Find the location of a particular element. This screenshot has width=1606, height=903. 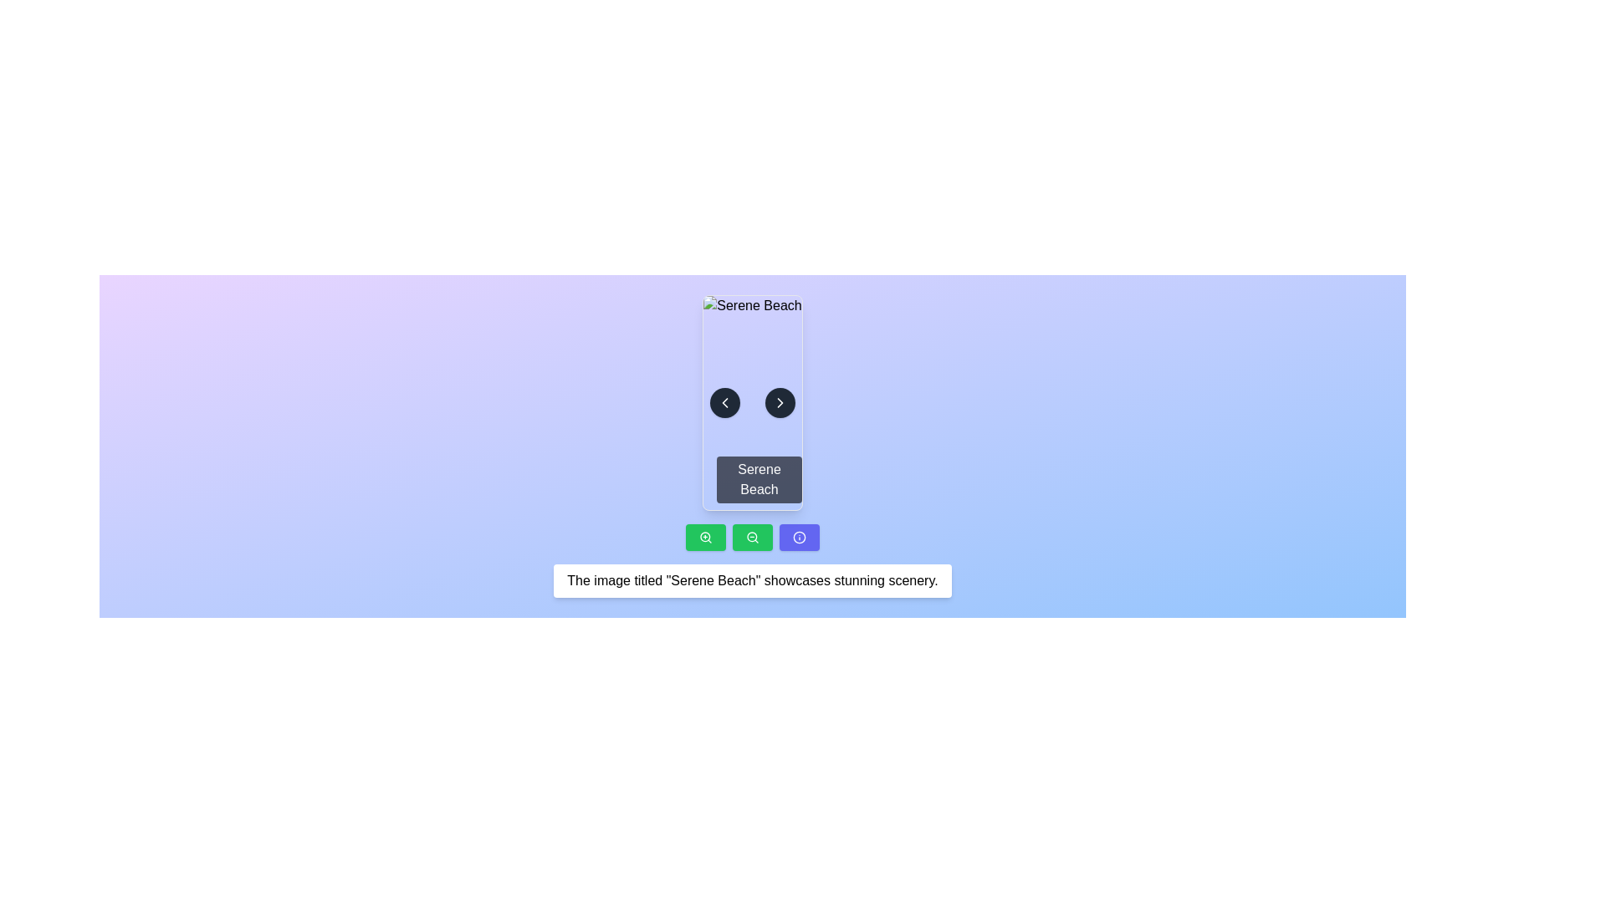

the zoom-in button/icon located at the bottom left of the interface, next to a green background button with a magnifying glass icon is located at coordinates (706, 538).